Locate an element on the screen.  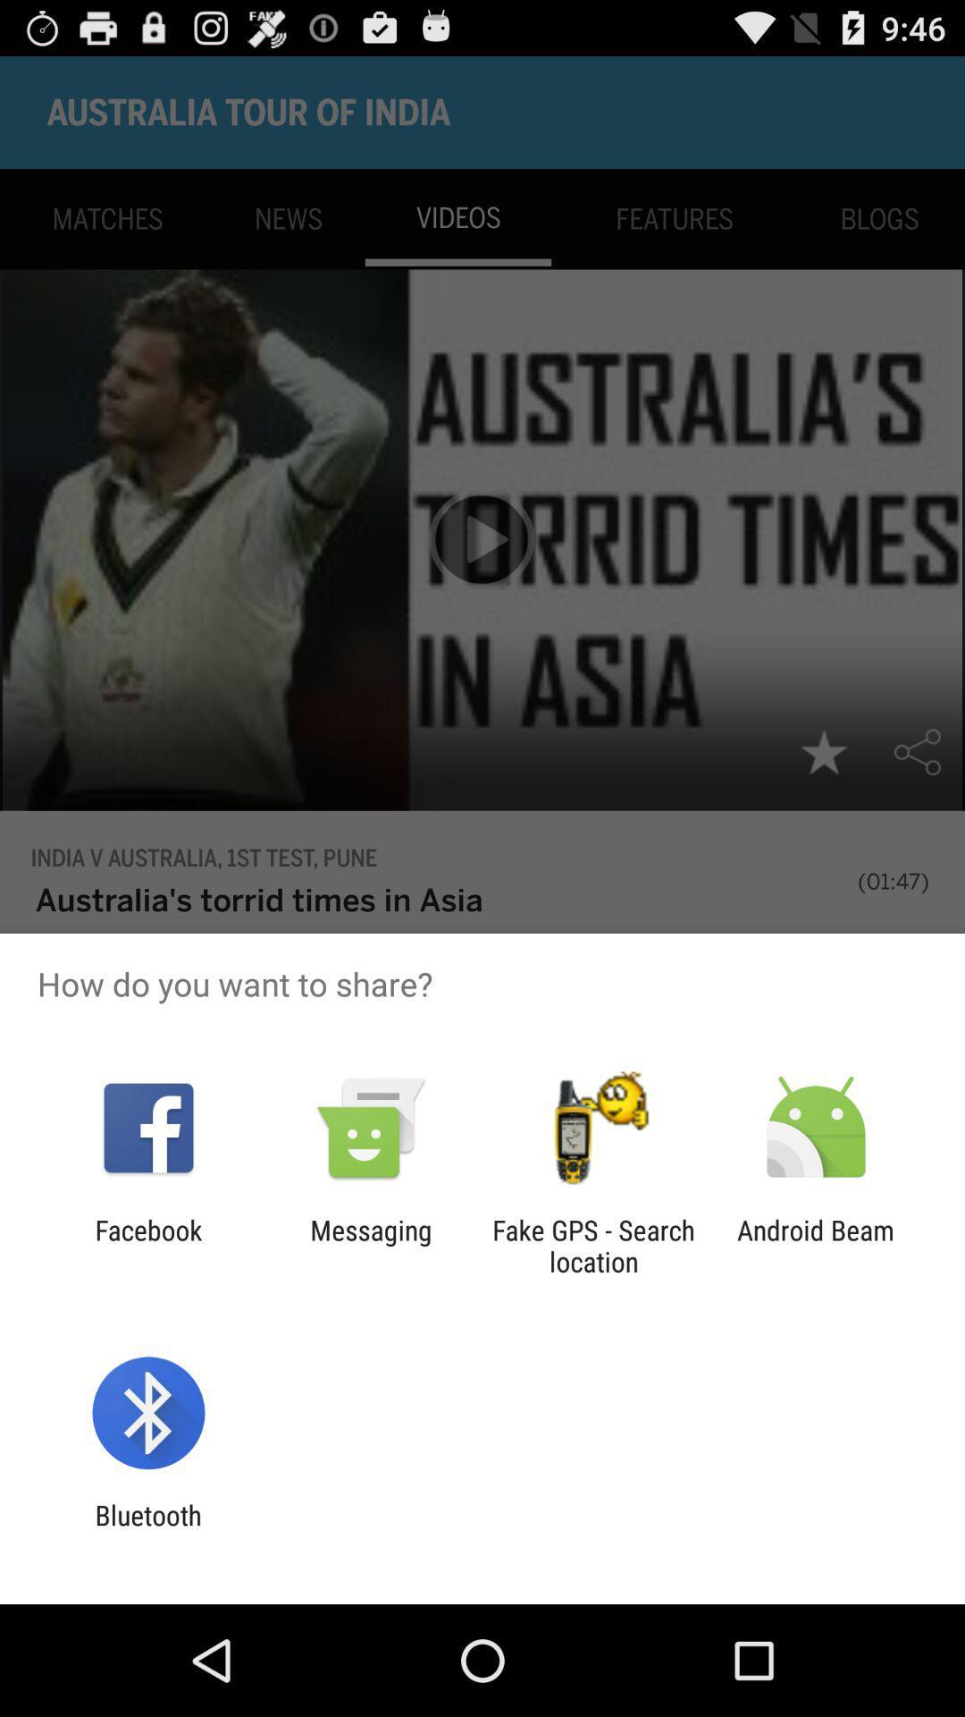
the item next to the facebook item is located at coordinates (370, 1245).